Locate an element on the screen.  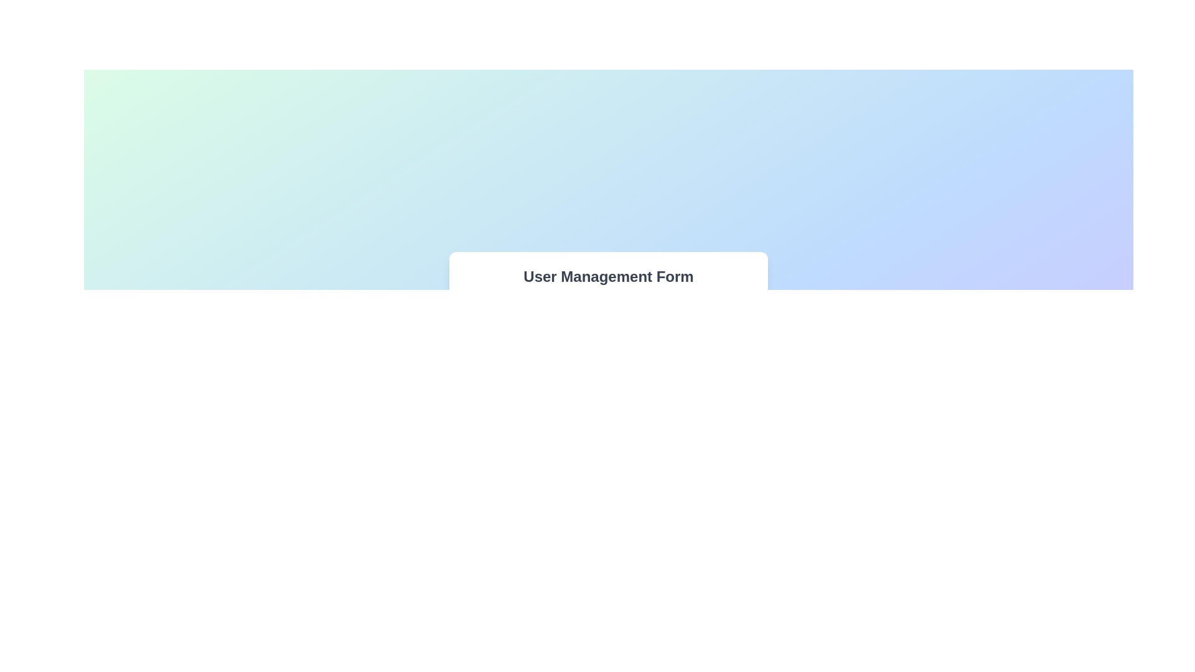
the Text label or header which serves as the heading for the form or section, located at the top of the form card layout is located at coordinates (609, 275).